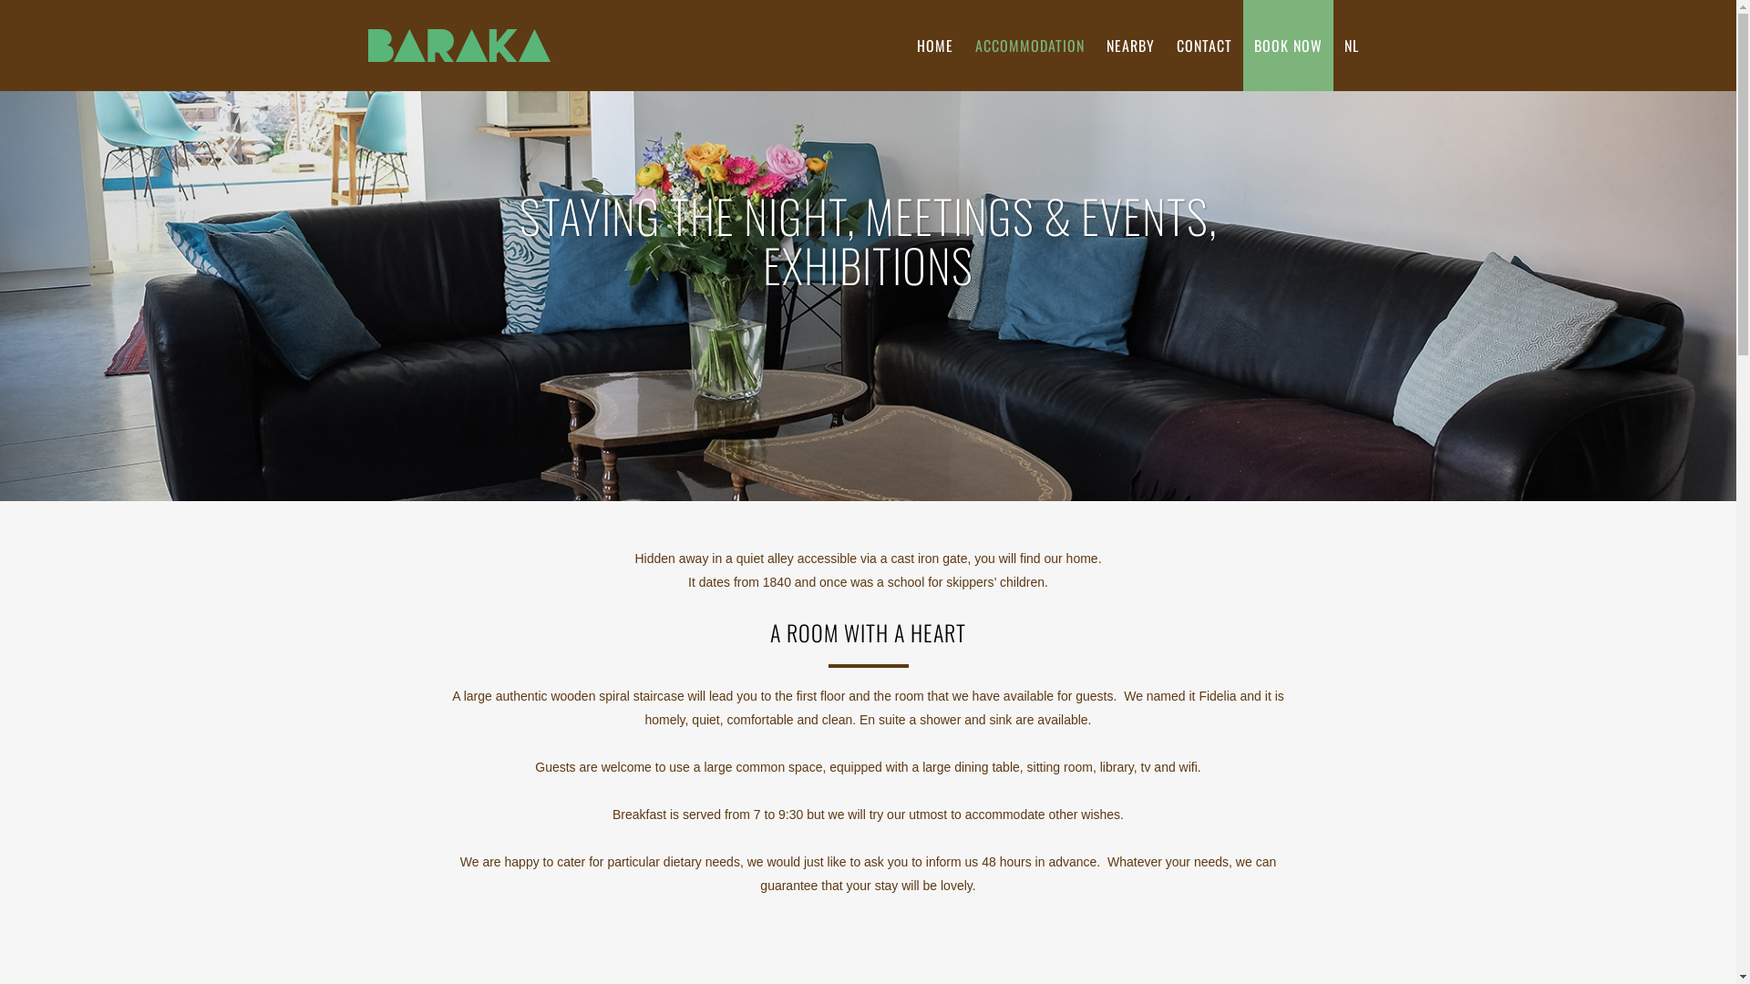  Describe the element at coordinates (1129, 45) in the screenshot. I see `'NEARBY'` at that location.